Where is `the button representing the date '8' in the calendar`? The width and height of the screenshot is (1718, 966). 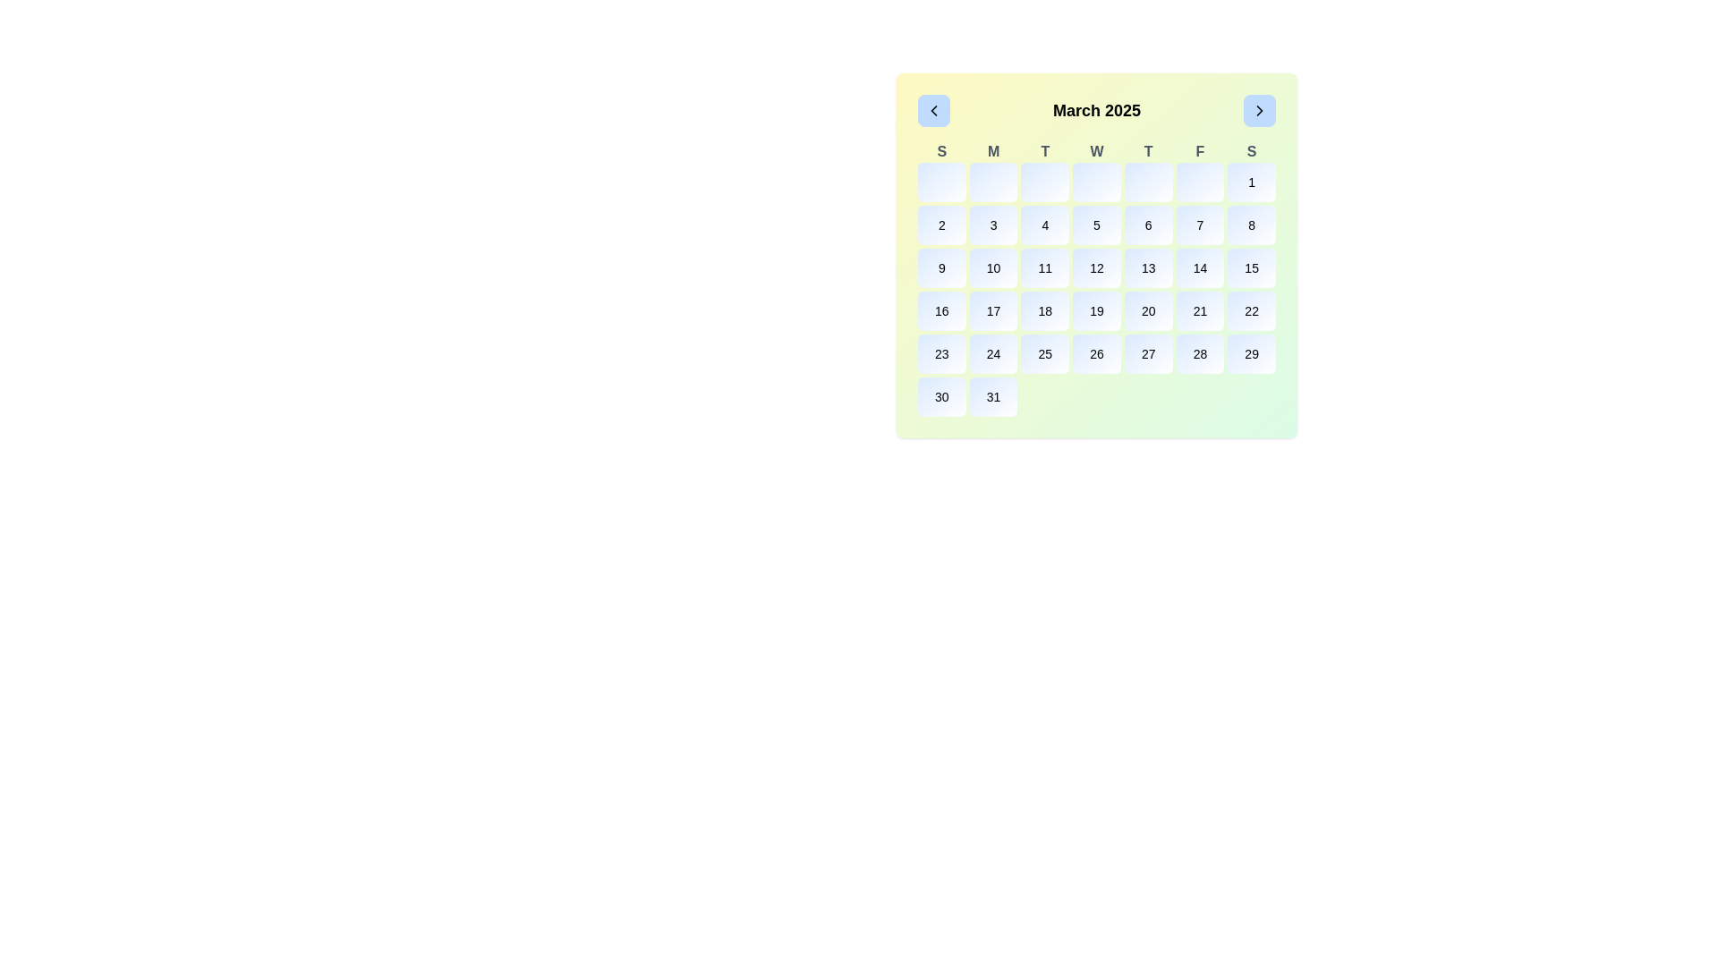
the button representing the date '8' in the calendar is located at coordinates (1251, 224).